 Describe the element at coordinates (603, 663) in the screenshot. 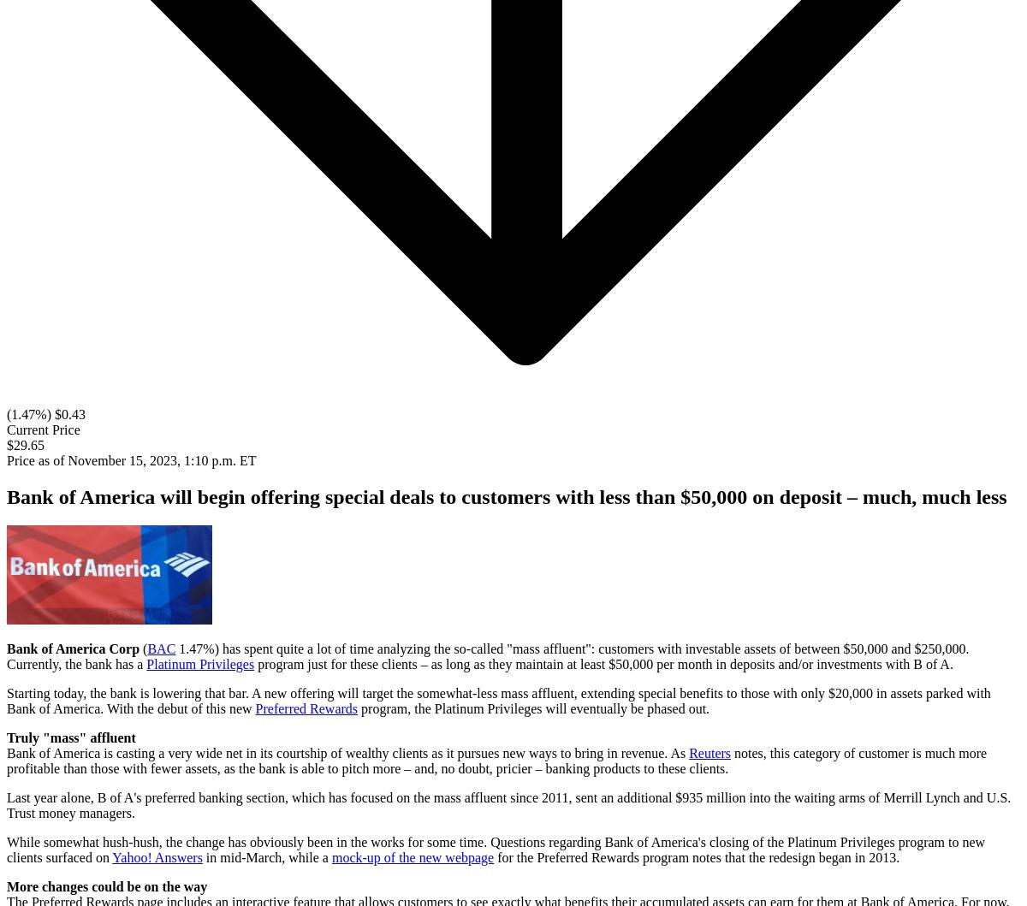

I see `'program just for these clients – as long as they maintain at least $50,000 per month in deposits and/or investments with B of A.'` at that location.